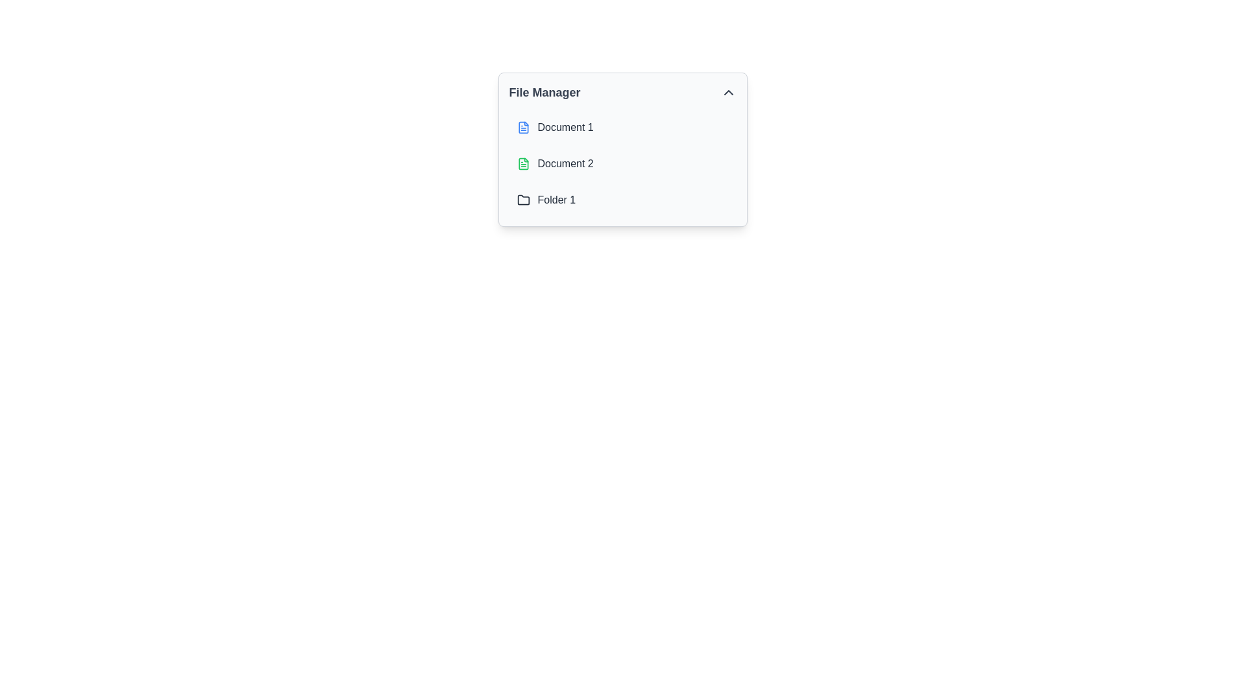 This screenshot has height=700, width=1246. What do you see at coordinates (523, 127) in the screenshot?
I see `the document icon with a blue outline located in the 'File Manager' section next to the label 'Document 1'` at bounding box center [523, 127].